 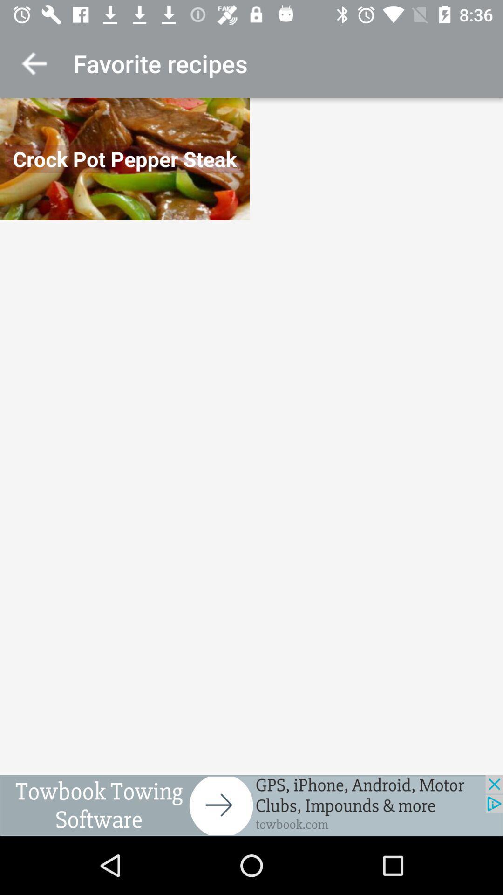 What do you see at coordinates (251, 805) in the screenshot?
I see `open advertisement` at bounding box center [251, 805].